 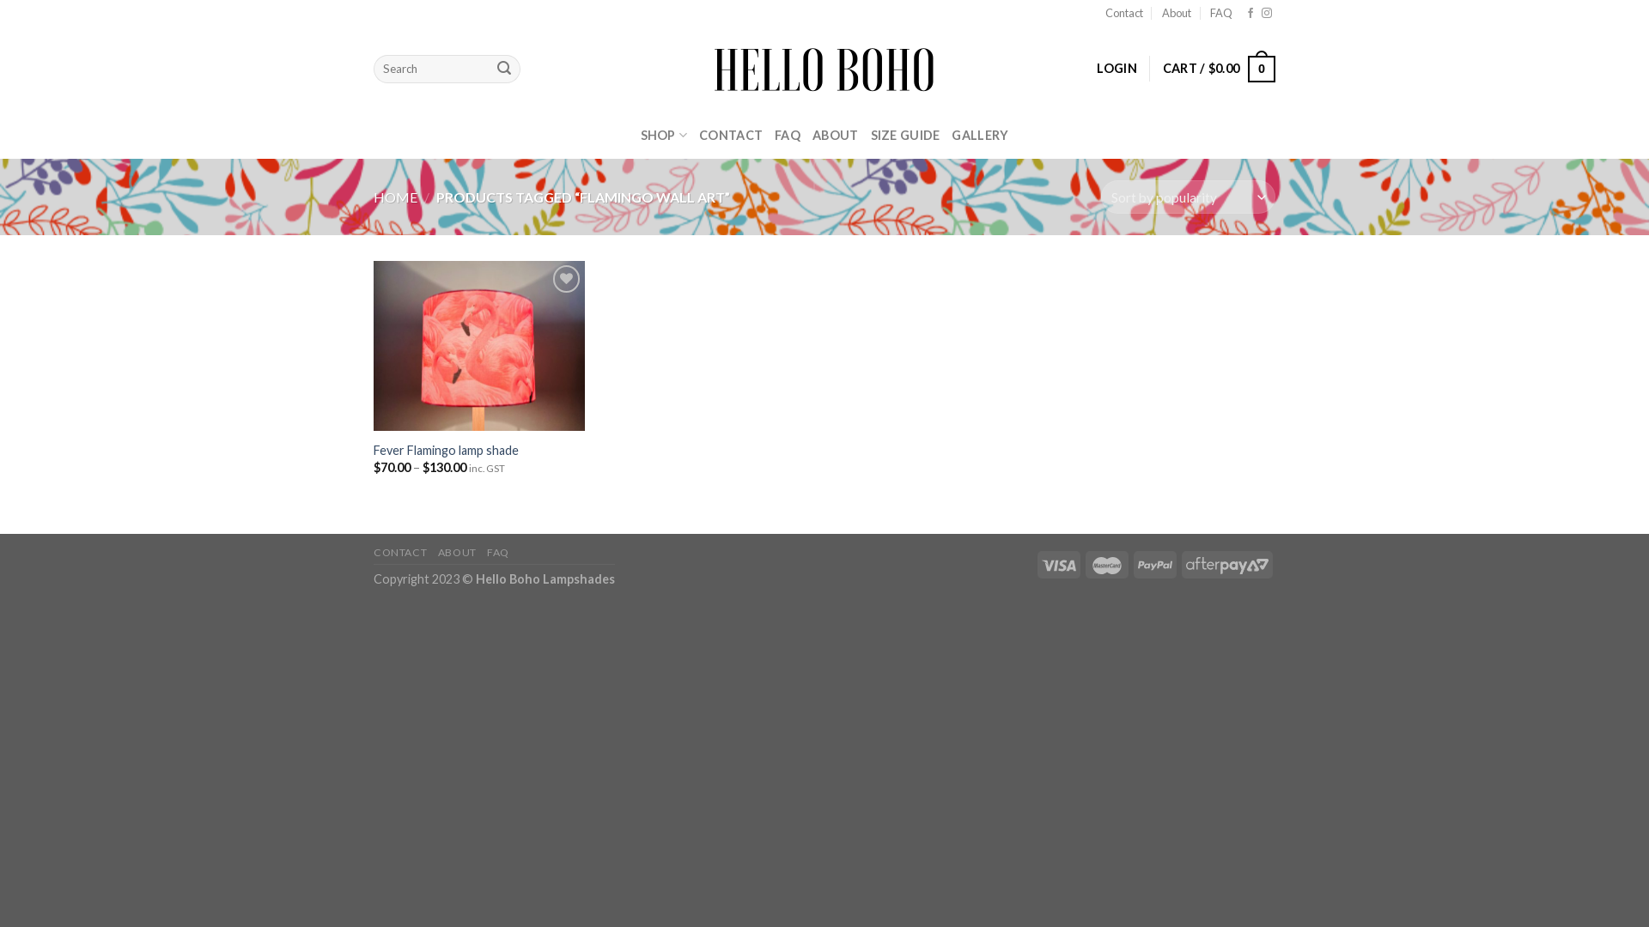 I want to click on 'SHOP', so click(x=663, y=134).